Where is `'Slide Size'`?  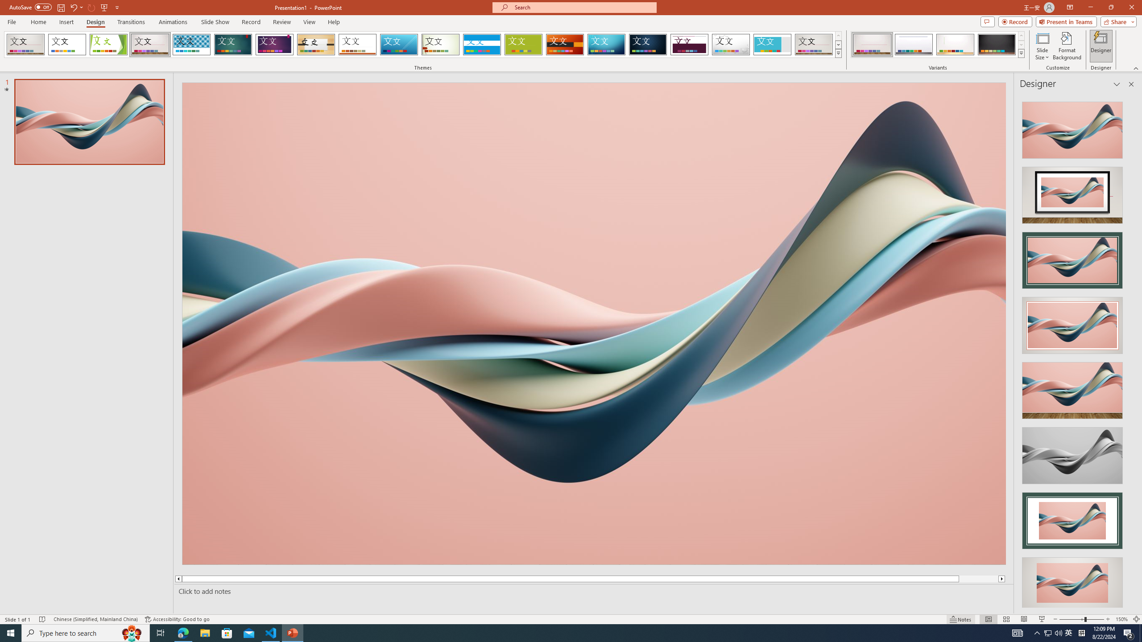 'Slide Size' is located at coordinates (1042, 46).